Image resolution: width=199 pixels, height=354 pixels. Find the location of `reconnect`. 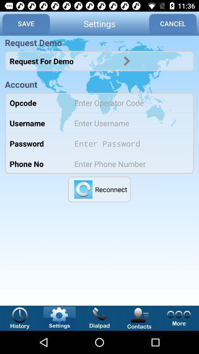

reconnect is located at coordinates (83, 189).